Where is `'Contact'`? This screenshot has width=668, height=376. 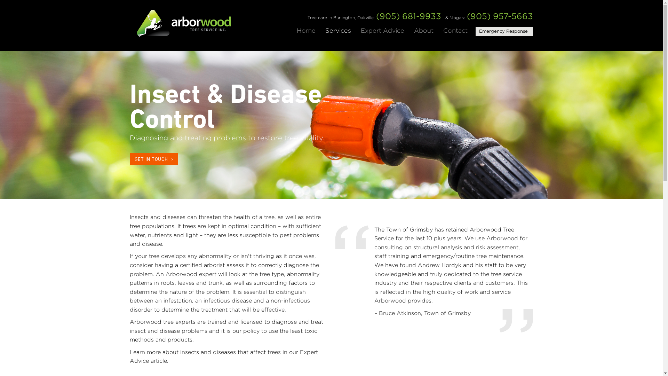 'Contact' is located at coordinates (455, 30).